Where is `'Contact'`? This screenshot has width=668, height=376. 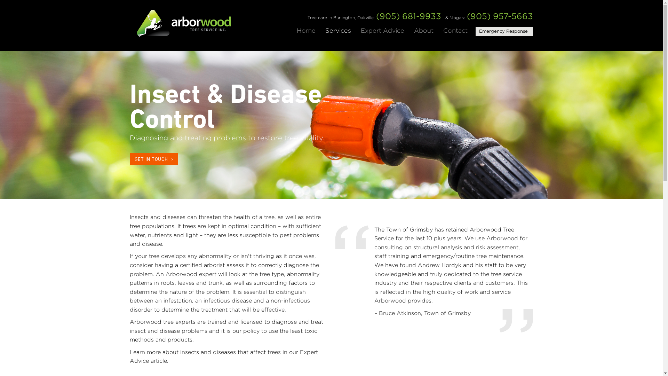 'Contact' is located at coordinates (455, 30).